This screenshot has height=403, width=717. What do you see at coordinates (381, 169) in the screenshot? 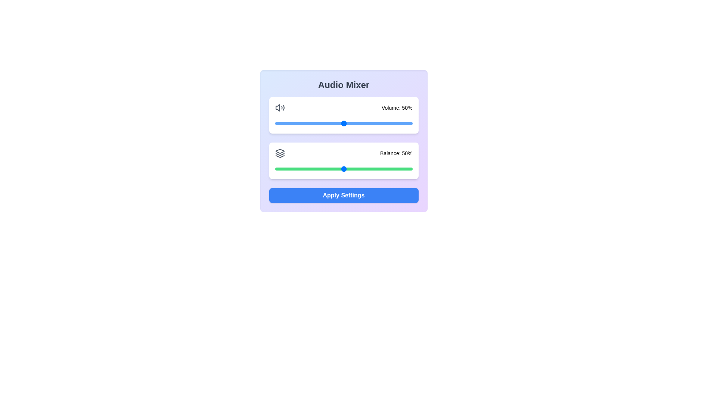
I see `the balance to 77% by interacting with the slider` at bounding box center [381, 169].